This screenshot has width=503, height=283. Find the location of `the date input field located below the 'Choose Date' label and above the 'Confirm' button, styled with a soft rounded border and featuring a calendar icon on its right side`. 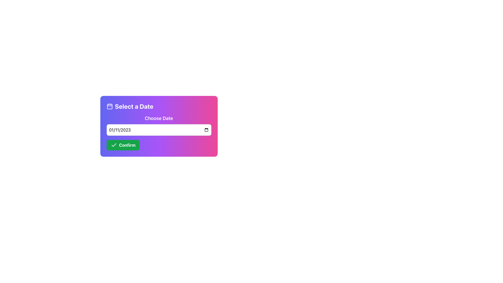

the date input field located below the 'Choose Date' label and above the 'Confirm' button, styled with a soft rounded border and featuring a calendar icon on its right side is located at coordinates (158, 130).